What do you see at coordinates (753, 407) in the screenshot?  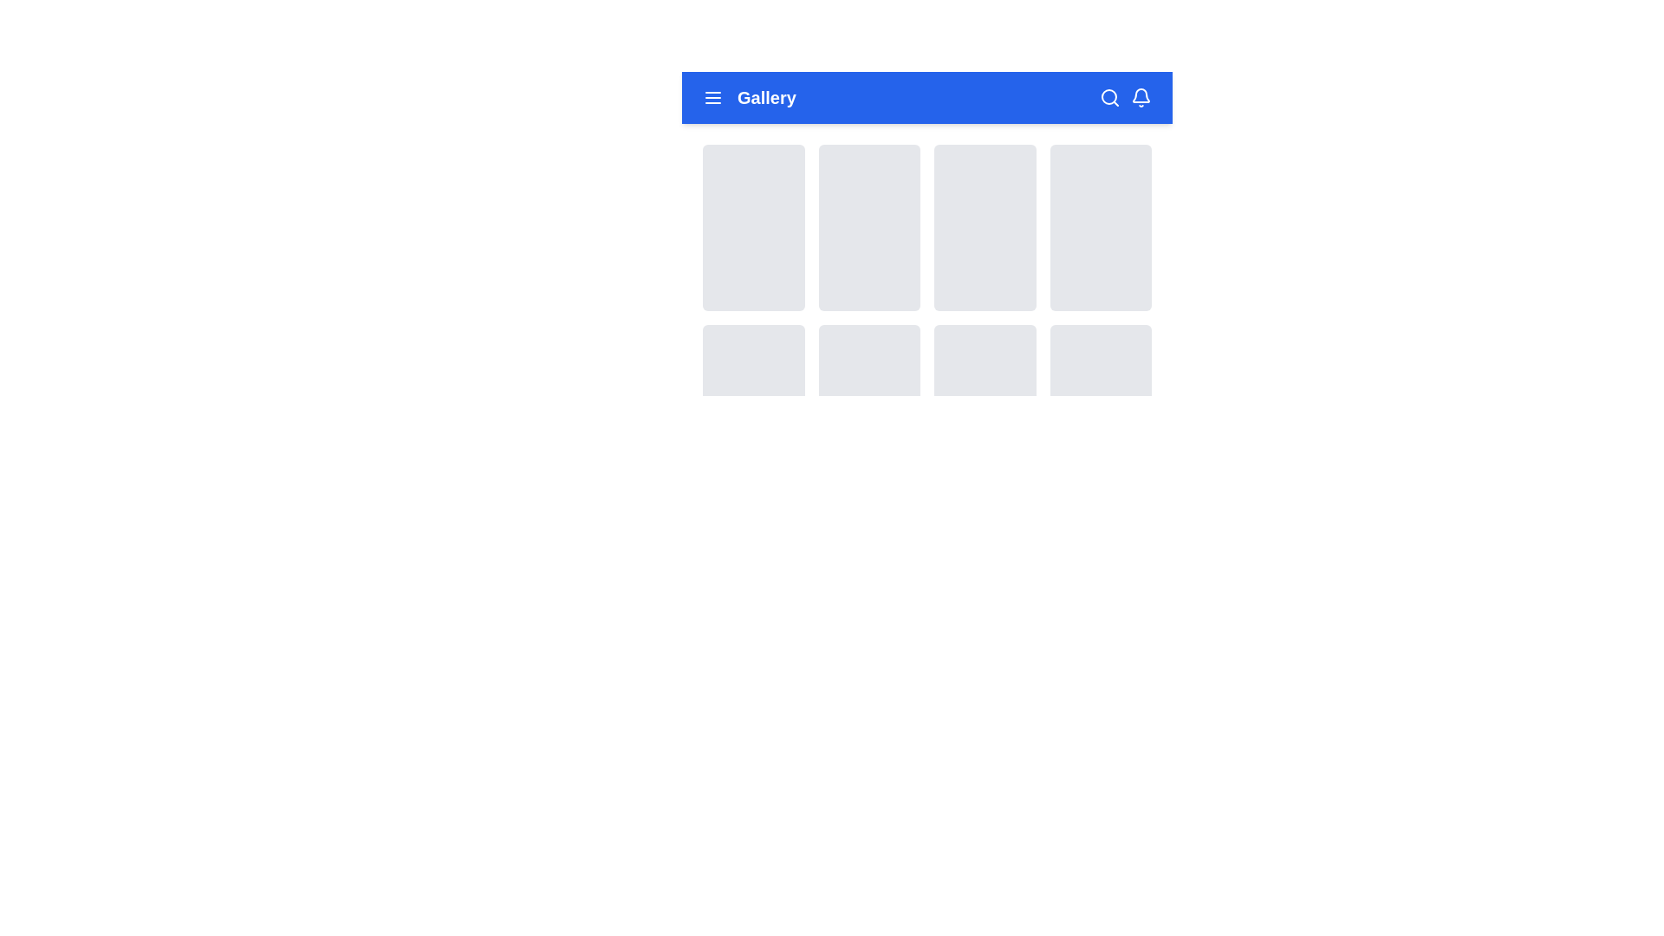 I see `the card component located in the first column of the second row of the grid` at bounding box center [753, 407].